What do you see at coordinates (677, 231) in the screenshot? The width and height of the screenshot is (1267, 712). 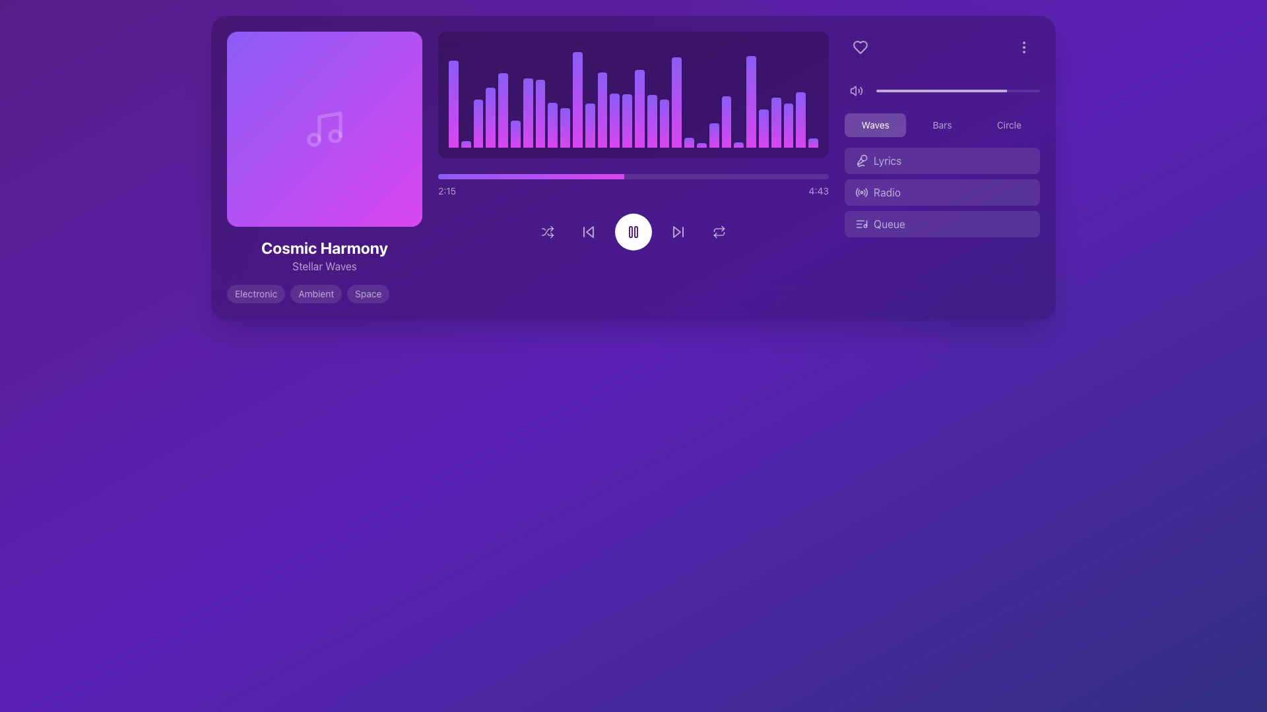 I see `the triangular play icon, styled as a simple outline, located beneath the waveform display to skip forward` at bounding box center [677, 231].